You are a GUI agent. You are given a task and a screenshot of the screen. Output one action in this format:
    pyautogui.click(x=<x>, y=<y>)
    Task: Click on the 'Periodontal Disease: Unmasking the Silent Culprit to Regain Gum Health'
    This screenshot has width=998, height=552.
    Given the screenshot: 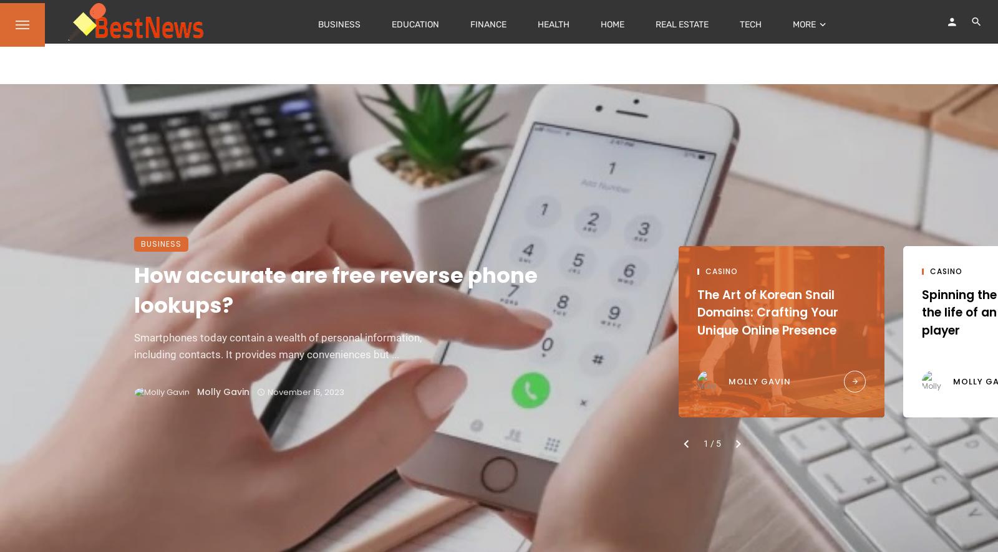 What is the action you would take?
    pyautogui.click(x=248, y=320)
    